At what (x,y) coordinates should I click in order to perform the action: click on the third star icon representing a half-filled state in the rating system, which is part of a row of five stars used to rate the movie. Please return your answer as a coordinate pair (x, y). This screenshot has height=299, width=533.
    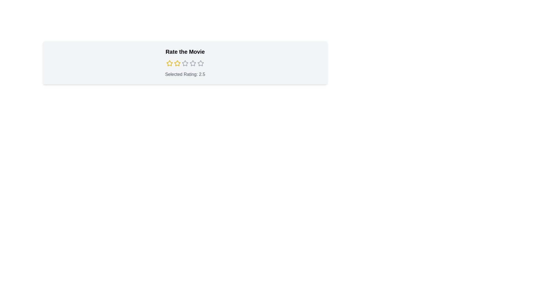
    Looking at the image, I should click on (193, 63).